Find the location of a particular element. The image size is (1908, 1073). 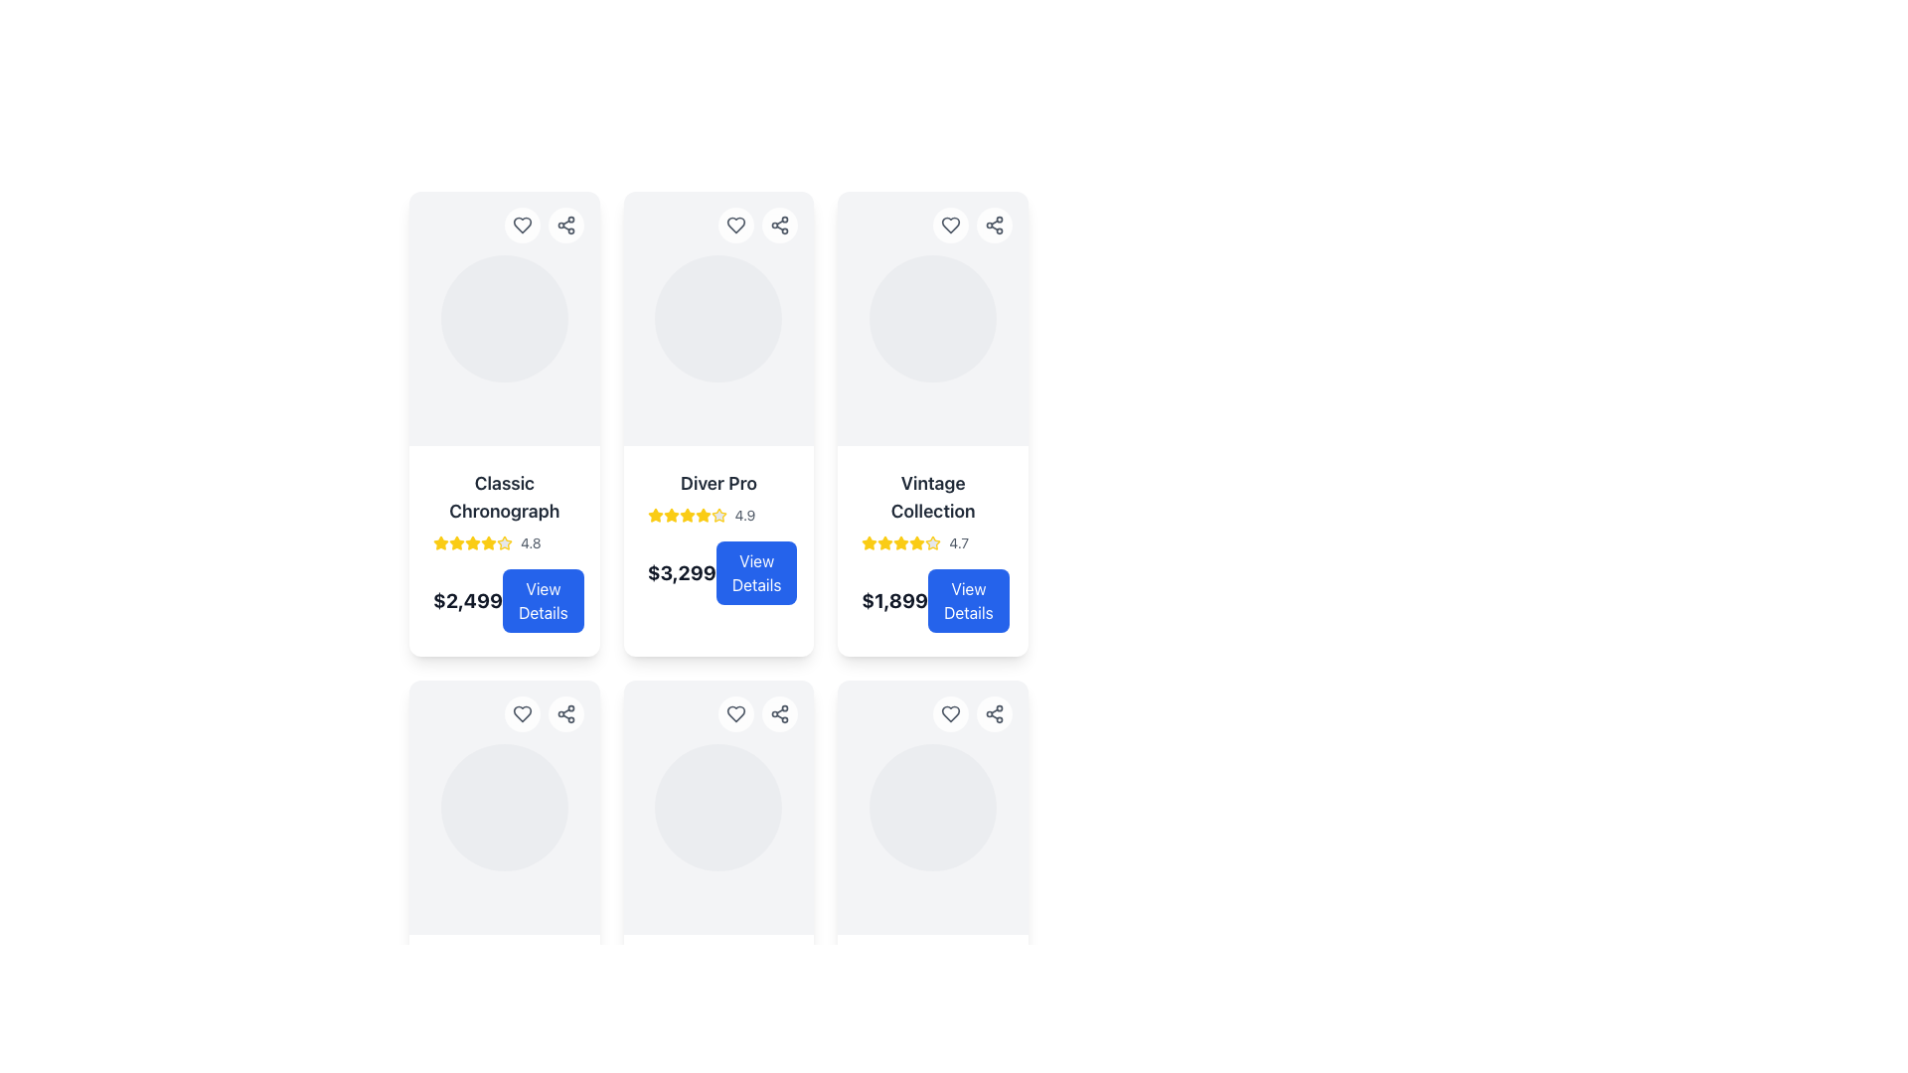

numerical rating displayed in the text label located to the bottom right of the row of five filled yellow stars on the second product card from the left is located at coordinates (531, 543).